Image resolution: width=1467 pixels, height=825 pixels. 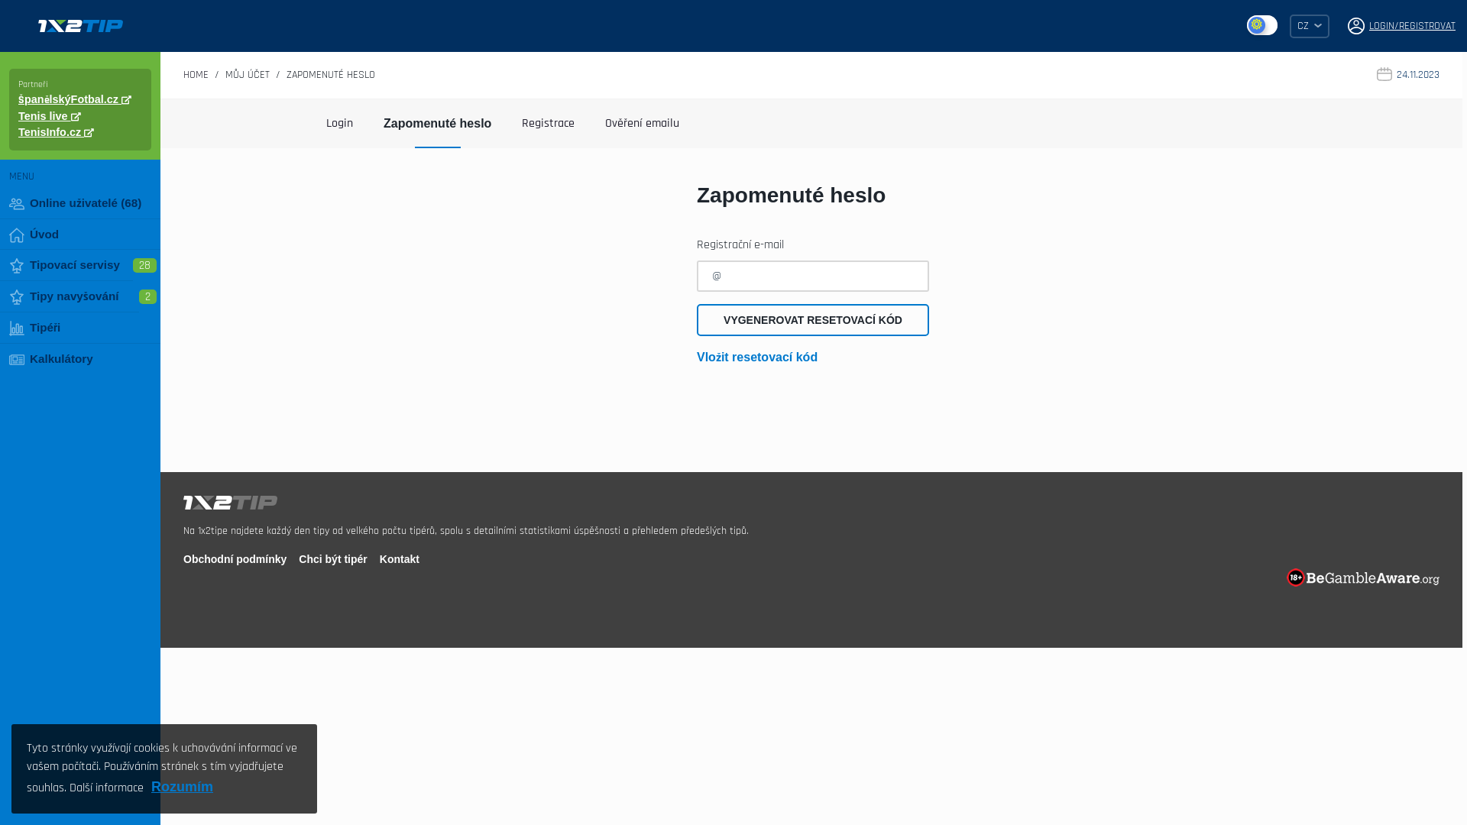 I want to click on 'TenisInfo.cz', so click(x=56, y=131).